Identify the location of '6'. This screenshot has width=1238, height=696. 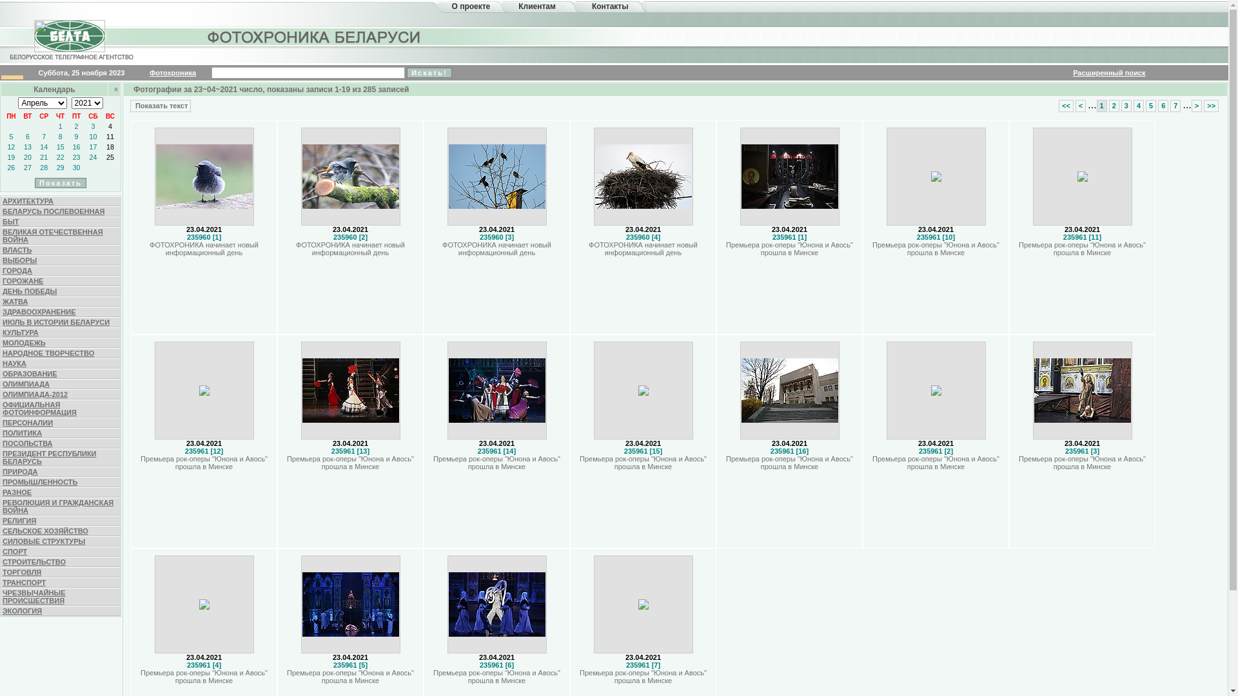
(1163, 104).